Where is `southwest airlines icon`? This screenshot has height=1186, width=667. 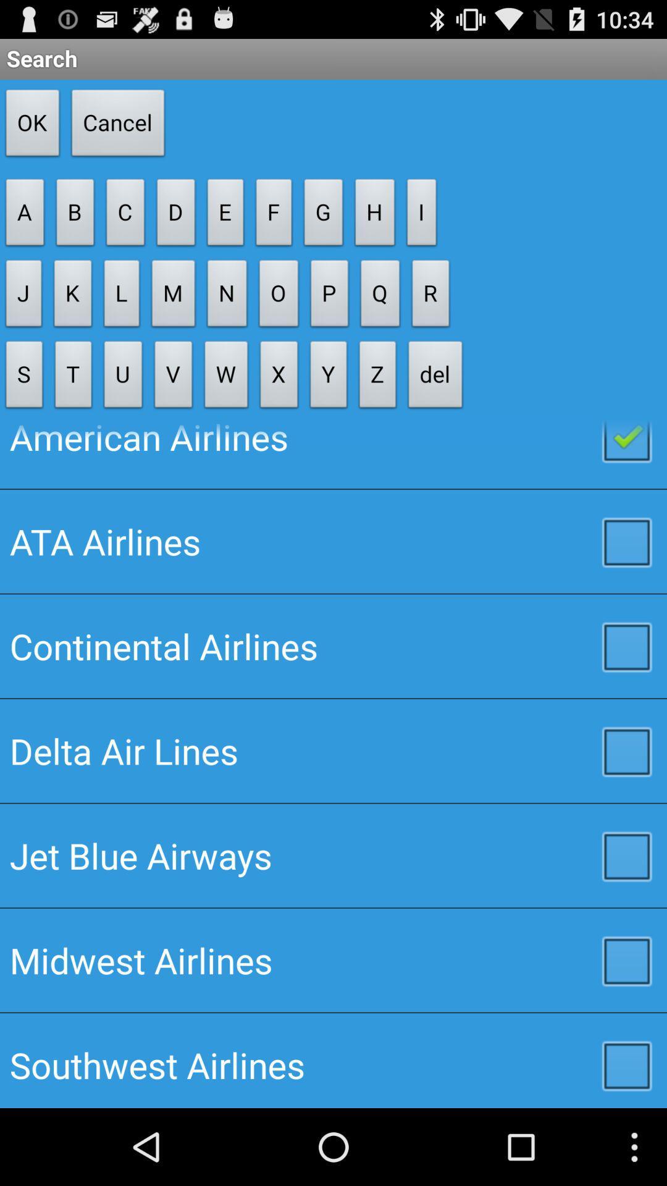
southwest airlines icon is located at coordinates (333, 1060).